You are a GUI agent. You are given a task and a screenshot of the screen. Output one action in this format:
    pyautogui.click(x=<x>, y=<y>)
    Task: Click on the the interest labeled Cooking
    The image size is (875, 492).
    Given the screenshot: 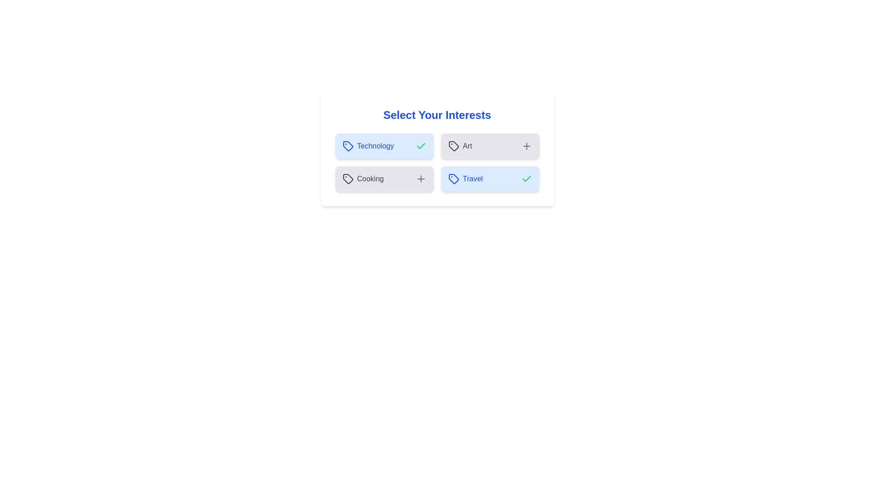 What is the action you would take?
    pyautogui.click(x=384, y=179)
    